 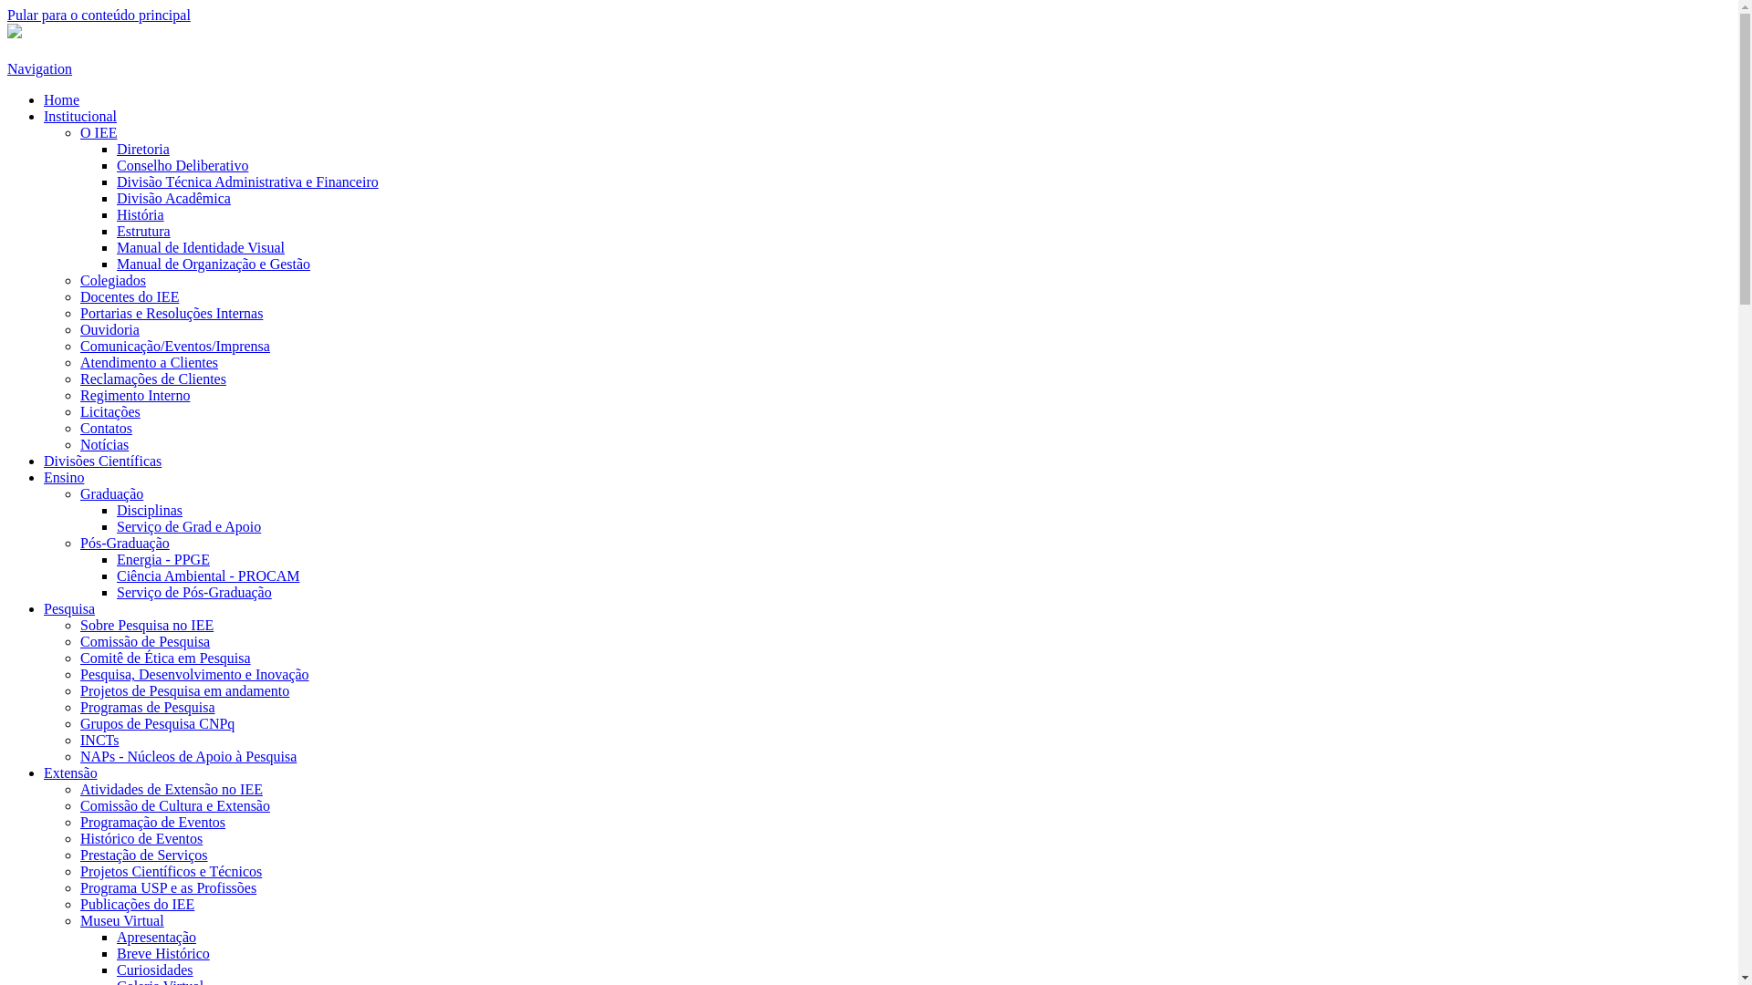 I want to click on 'Sobre Pesquisa no IEE', so click(x=78, y=624).